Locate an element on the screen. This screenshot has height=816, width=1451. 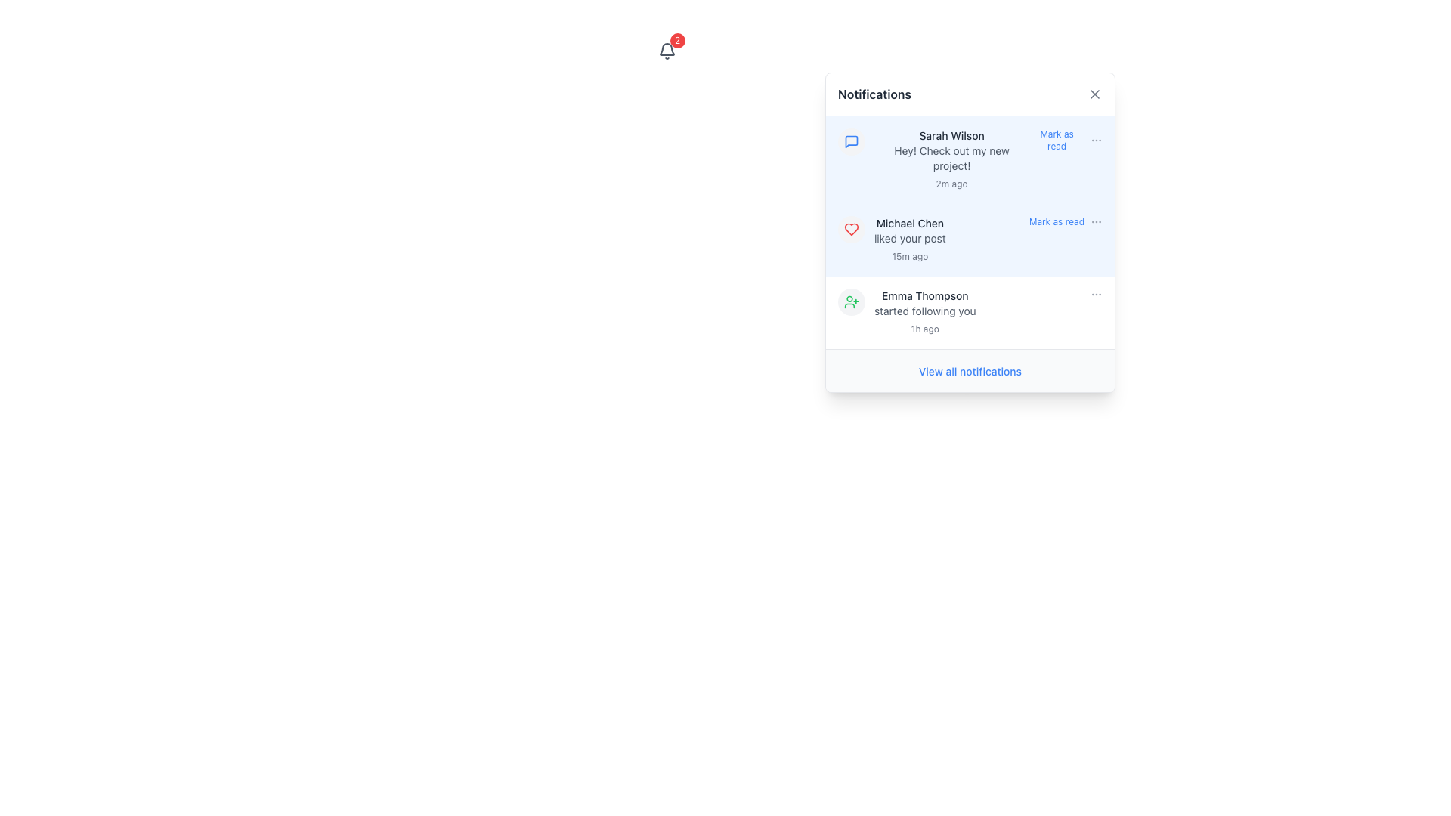
the green user icon with a plus sign located in the upper left of the interface is located at coordinates (852, 302).